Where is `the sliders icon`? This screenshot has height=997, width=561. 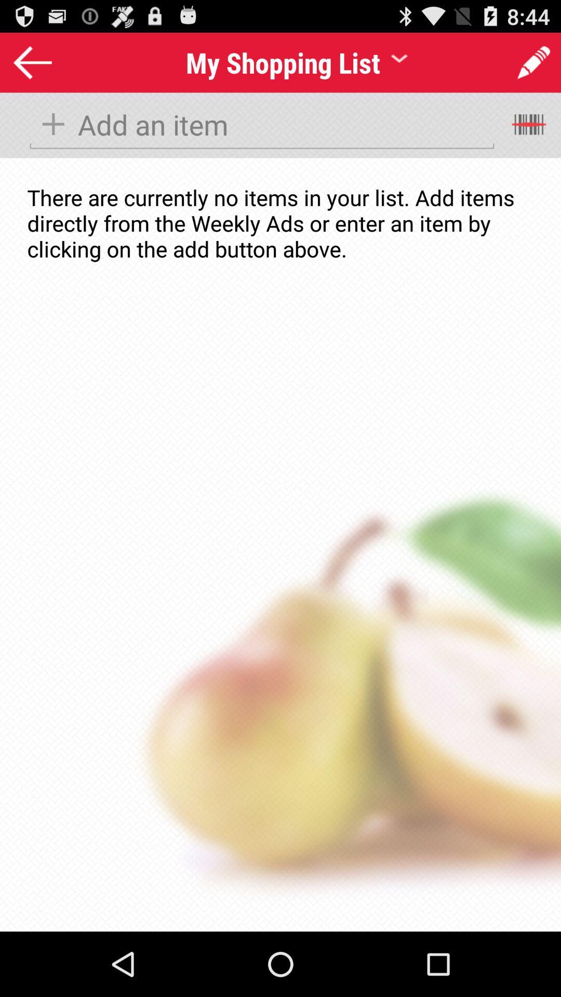 the sliders icon is located at coordinates (530, 133).